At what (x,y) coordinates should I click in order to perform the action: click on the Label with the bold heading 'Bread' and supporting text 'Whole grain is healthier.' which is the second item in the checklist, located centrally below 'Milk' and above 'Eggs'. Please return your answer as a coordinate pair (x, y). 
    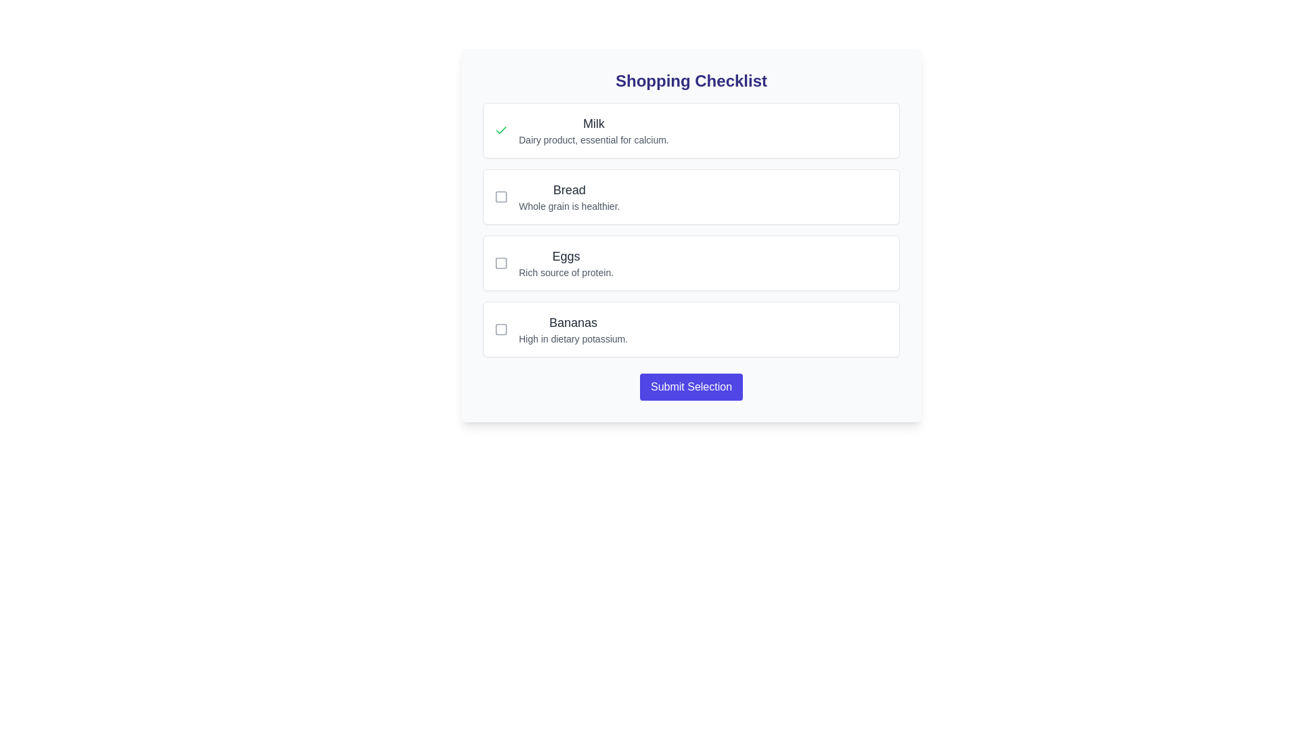
    Looking at the image, I should click on (569, 196).